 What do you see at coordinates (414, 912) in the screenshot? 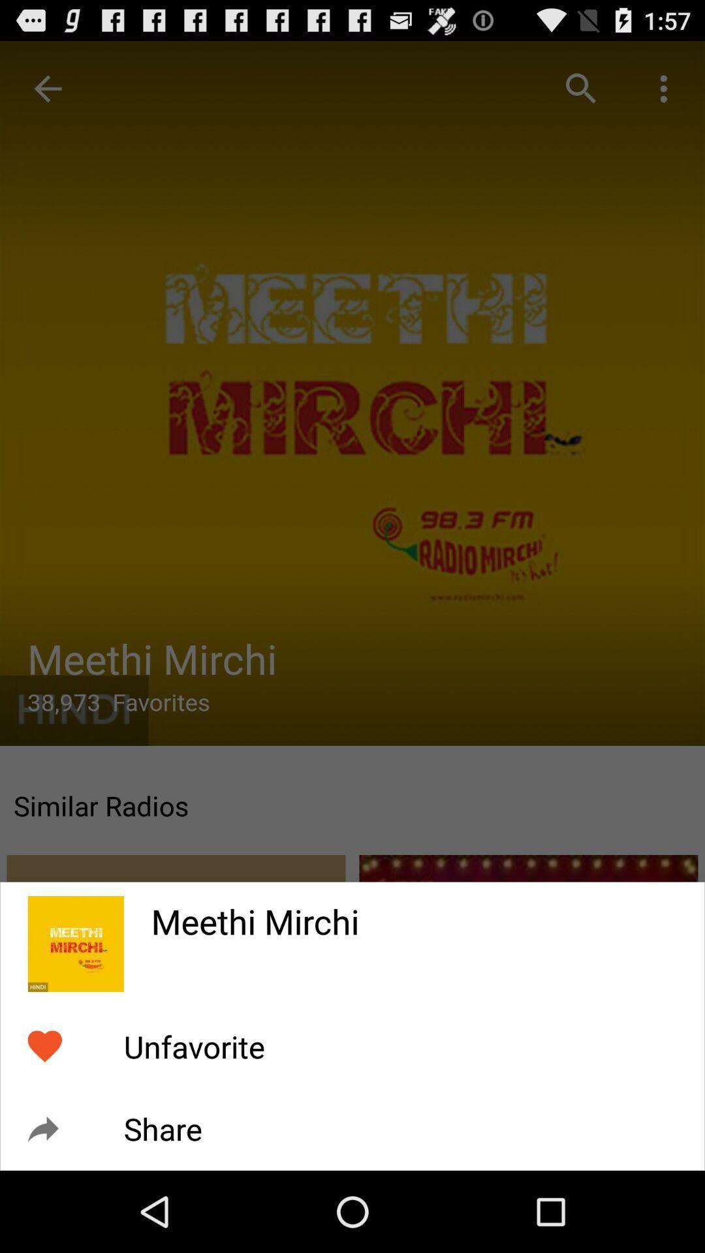
I see `meethi mirchi` at bounding box center [414, 912].